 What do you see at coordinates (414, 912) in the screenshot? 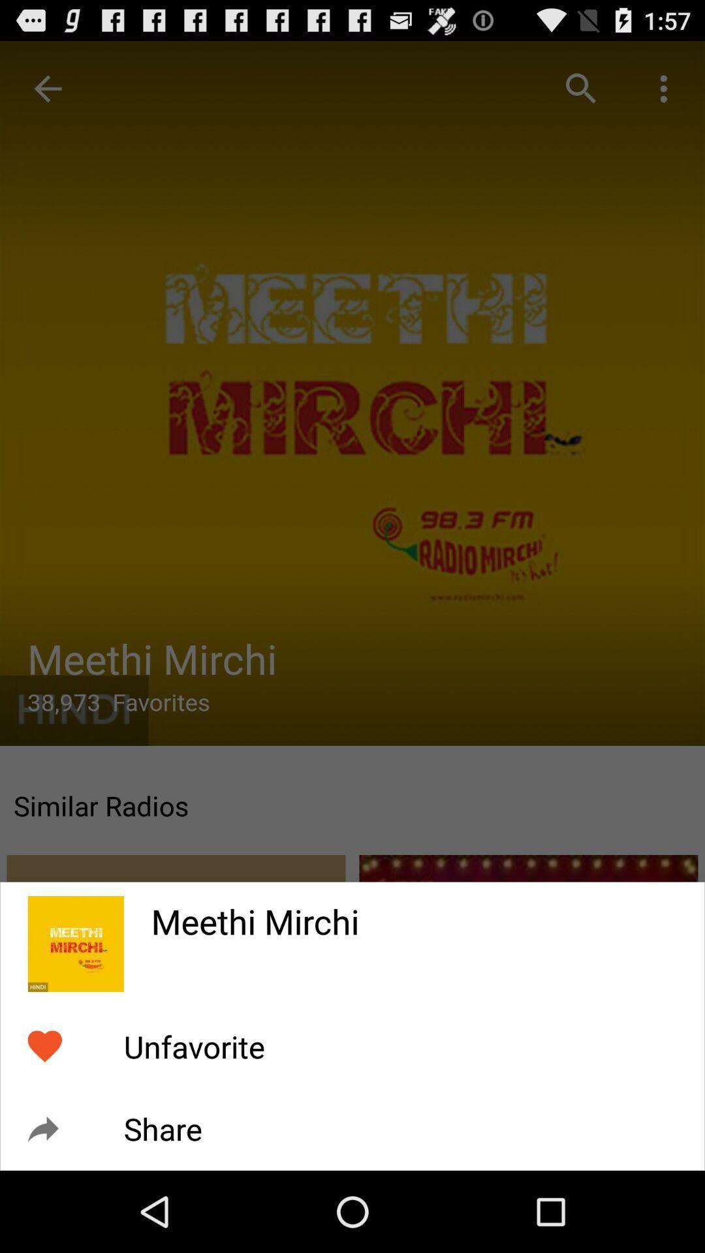
I see `meethi mirchi` at bounding box center [414, 912].